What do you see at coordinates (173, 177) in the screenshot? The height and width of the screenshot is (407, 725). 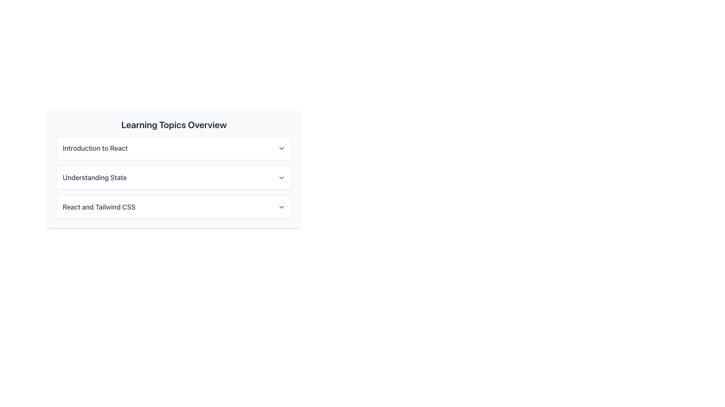 I see `the collapsible item labeled 'Understanding State' in the accordion interface` at bounding box center [173, 177].